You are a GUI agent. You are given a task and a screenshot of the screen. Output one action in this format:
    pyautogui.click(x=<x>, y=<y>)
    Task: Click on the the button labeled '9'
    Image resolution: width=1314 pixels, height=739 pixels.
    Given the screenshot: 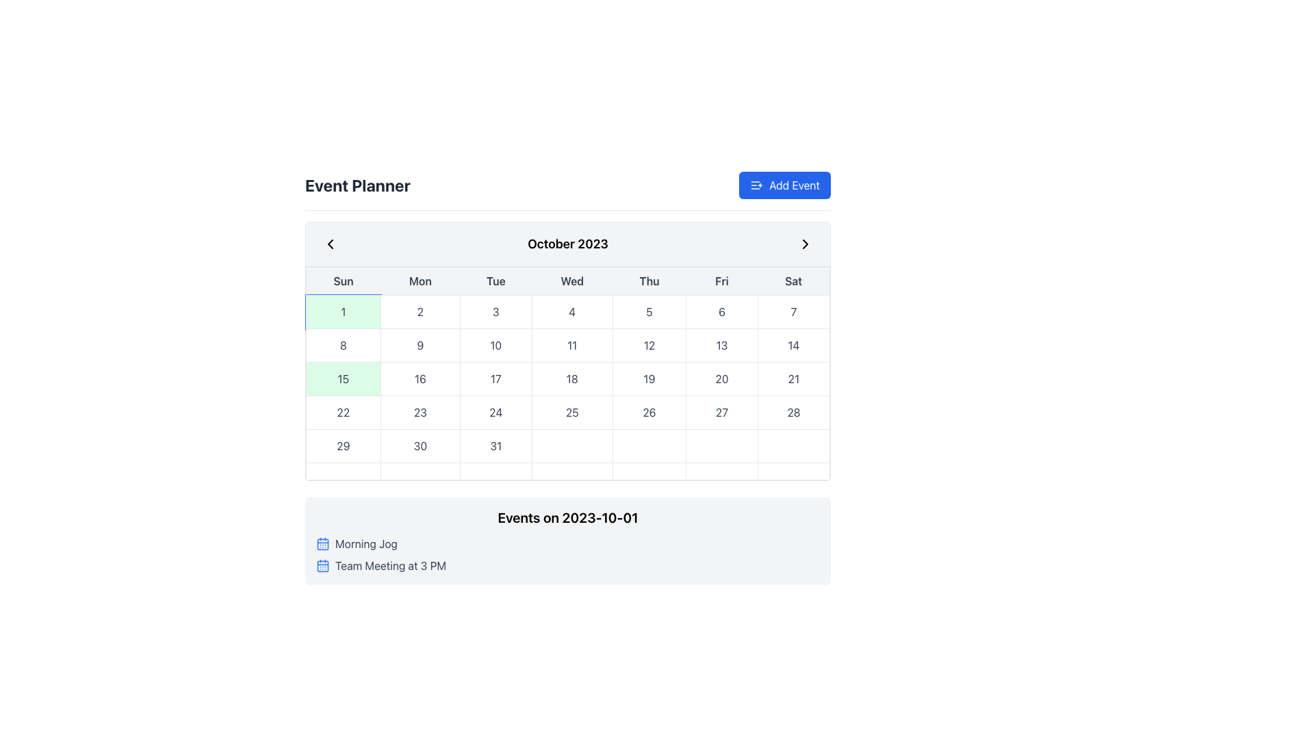 What is the action you would take?
    pyautogui.click(x=420, y=345)
    